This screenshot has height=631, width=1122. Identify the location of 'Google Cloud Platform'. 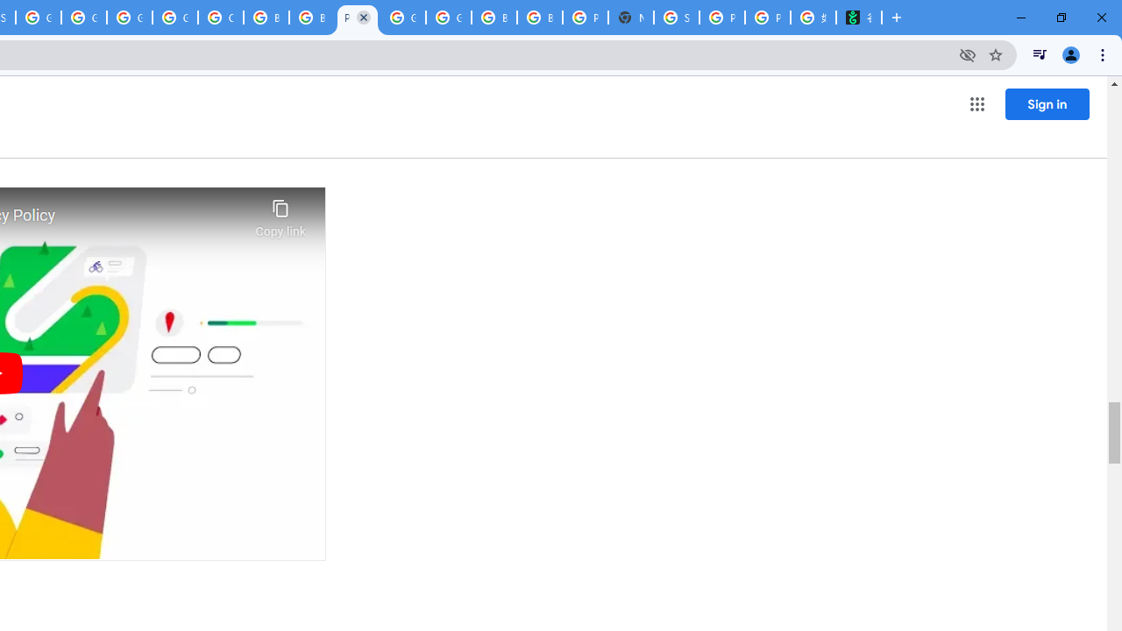
(449, 18).